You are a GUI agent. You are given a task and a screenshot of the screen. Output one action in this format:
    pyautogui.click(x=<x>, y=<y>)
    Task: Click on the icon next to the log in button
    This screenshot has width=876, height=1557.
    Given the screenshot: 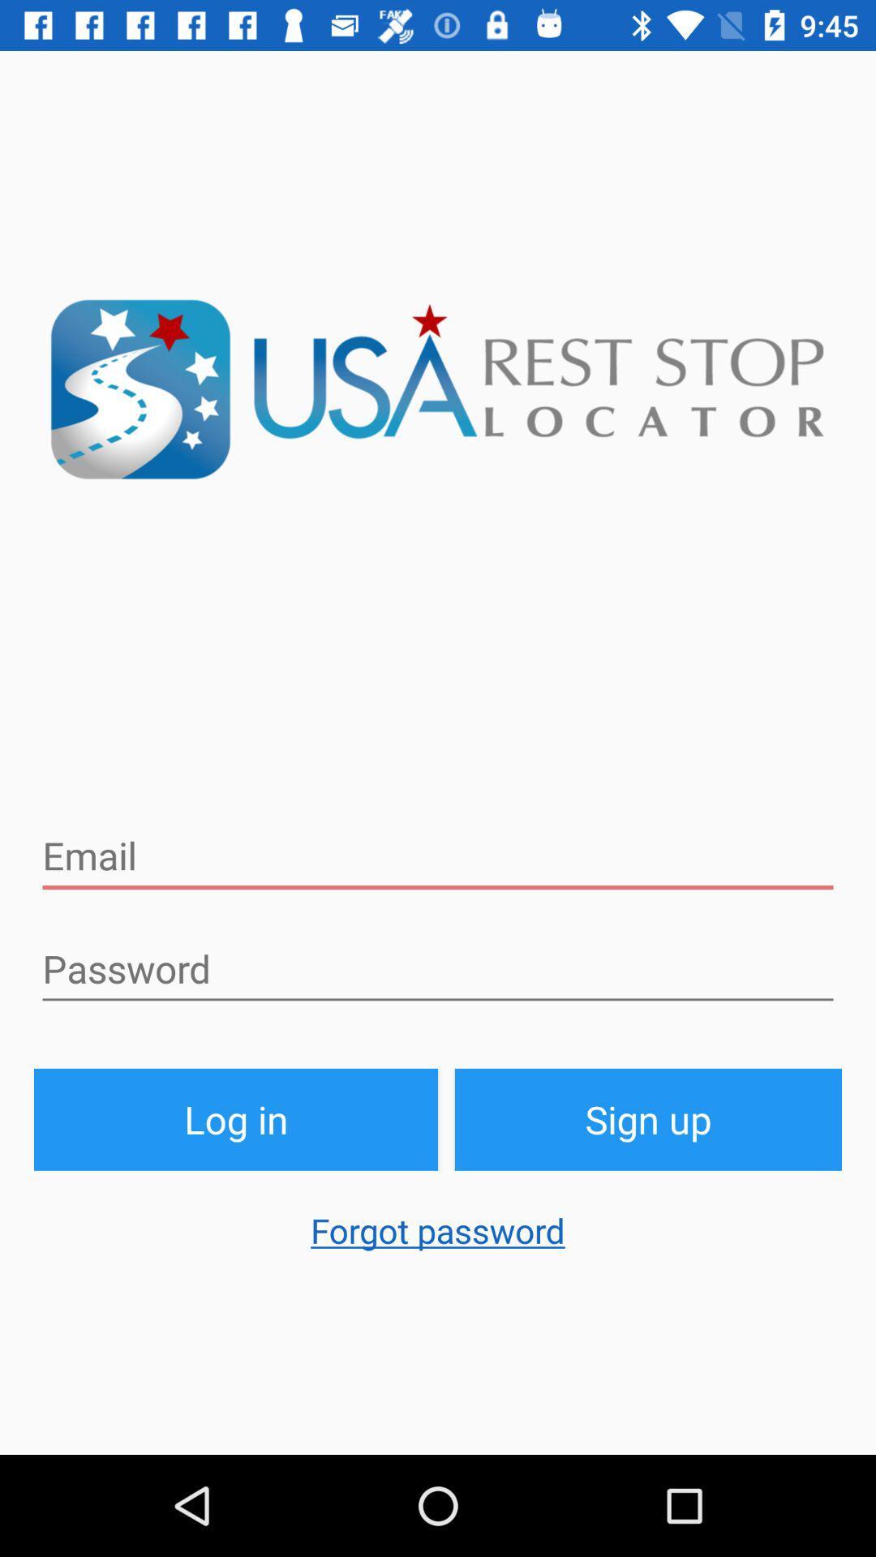 What is the action you would take?
    pyautogui.click(x=647, y=1118)
    